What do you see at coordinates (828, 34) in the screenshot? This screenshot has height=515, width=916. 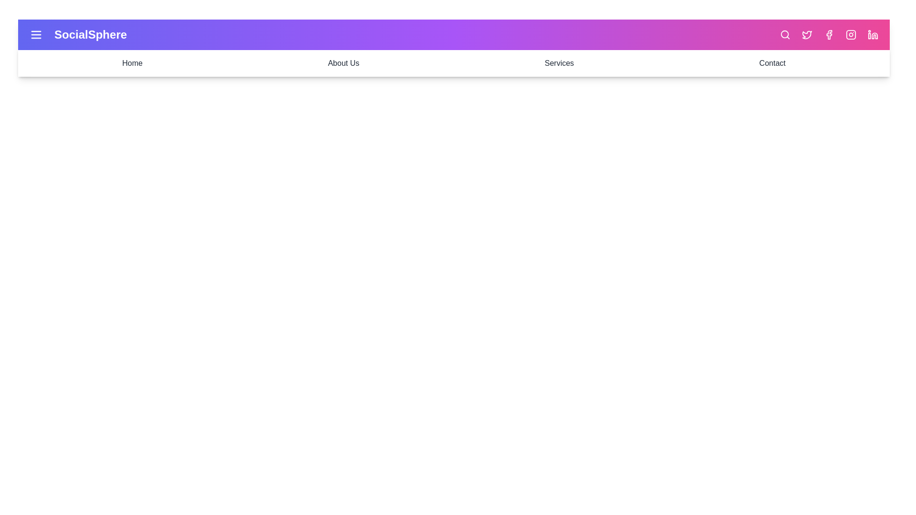 I see `the Facebook icon to open its respective link` at bounding box center [828, 34].